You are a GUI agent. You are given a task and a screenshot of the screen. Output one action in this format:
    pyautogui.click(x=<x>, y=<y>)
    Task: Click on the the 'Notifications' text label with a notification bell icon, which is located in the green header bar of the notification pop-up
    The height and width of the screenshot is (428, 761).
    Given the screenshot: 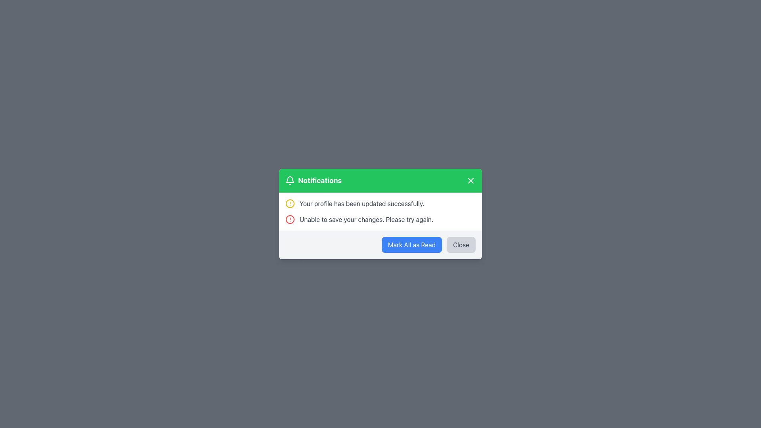 What is the action you would take?
    pyautogui.click(x=313, y=180)
    